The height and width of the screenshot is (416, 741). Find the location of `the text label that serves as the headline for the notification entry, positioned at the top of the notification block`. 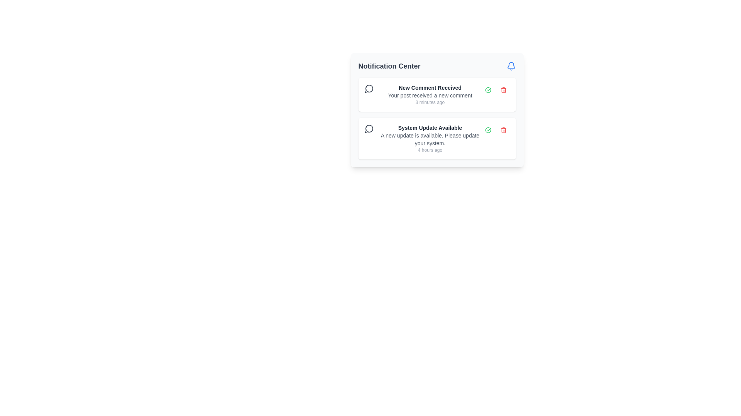

the text label that serves as the headline for the notification entry, positioned at the top of the notification block is located at coordinates (430, 127).